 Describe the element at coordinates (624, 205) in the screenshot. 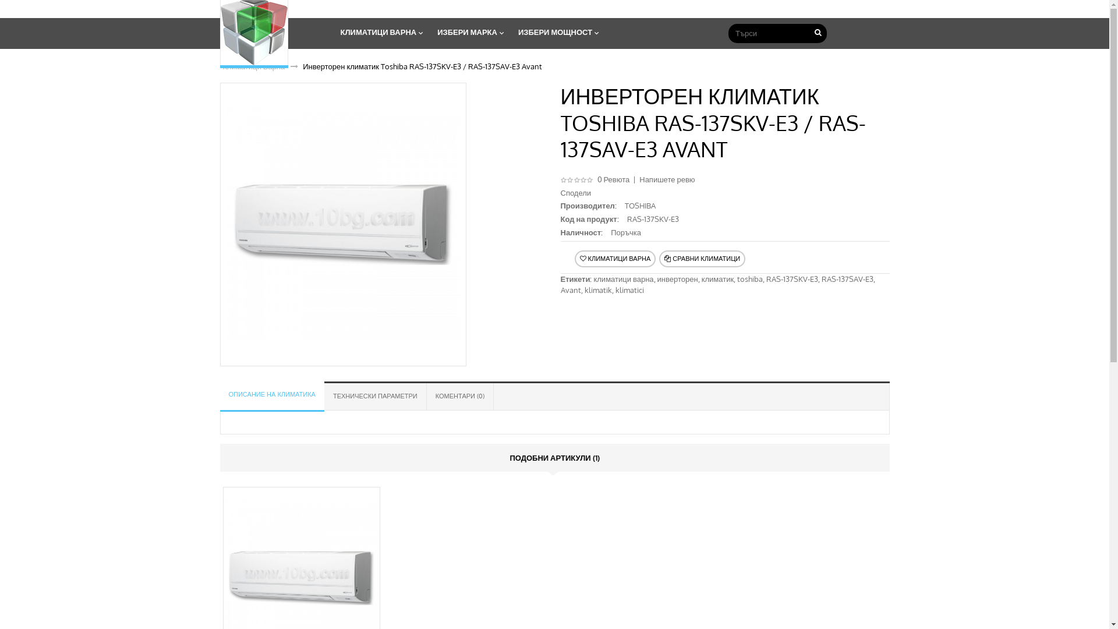

I see `'TOSHIBA'` at that location.